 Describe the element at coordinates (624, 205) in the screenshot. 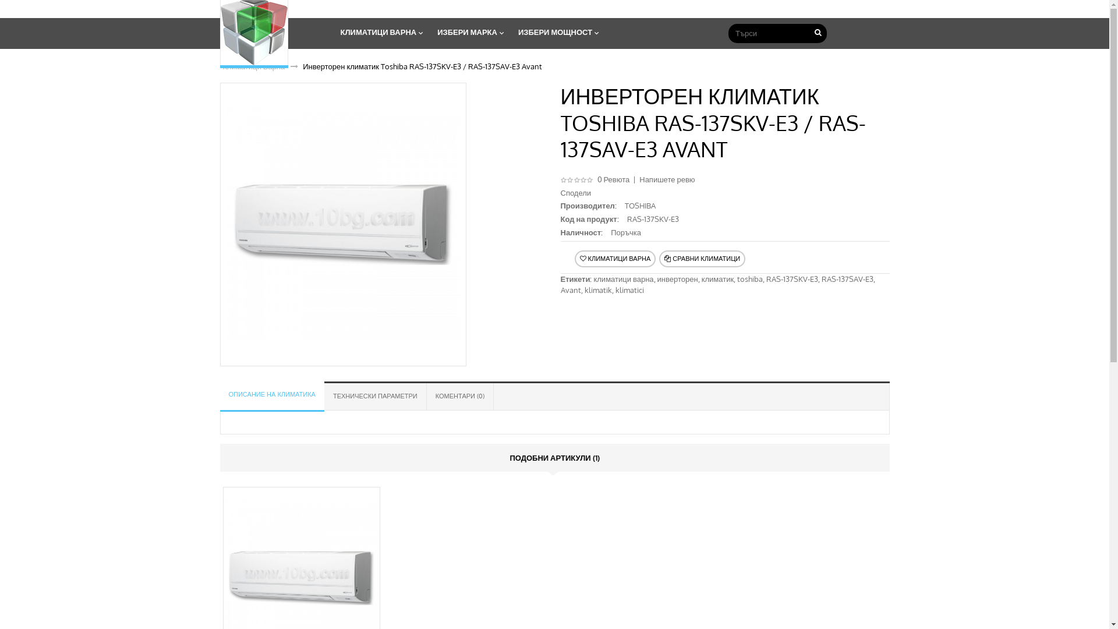

I see `'TOSHIBA'` at that location.